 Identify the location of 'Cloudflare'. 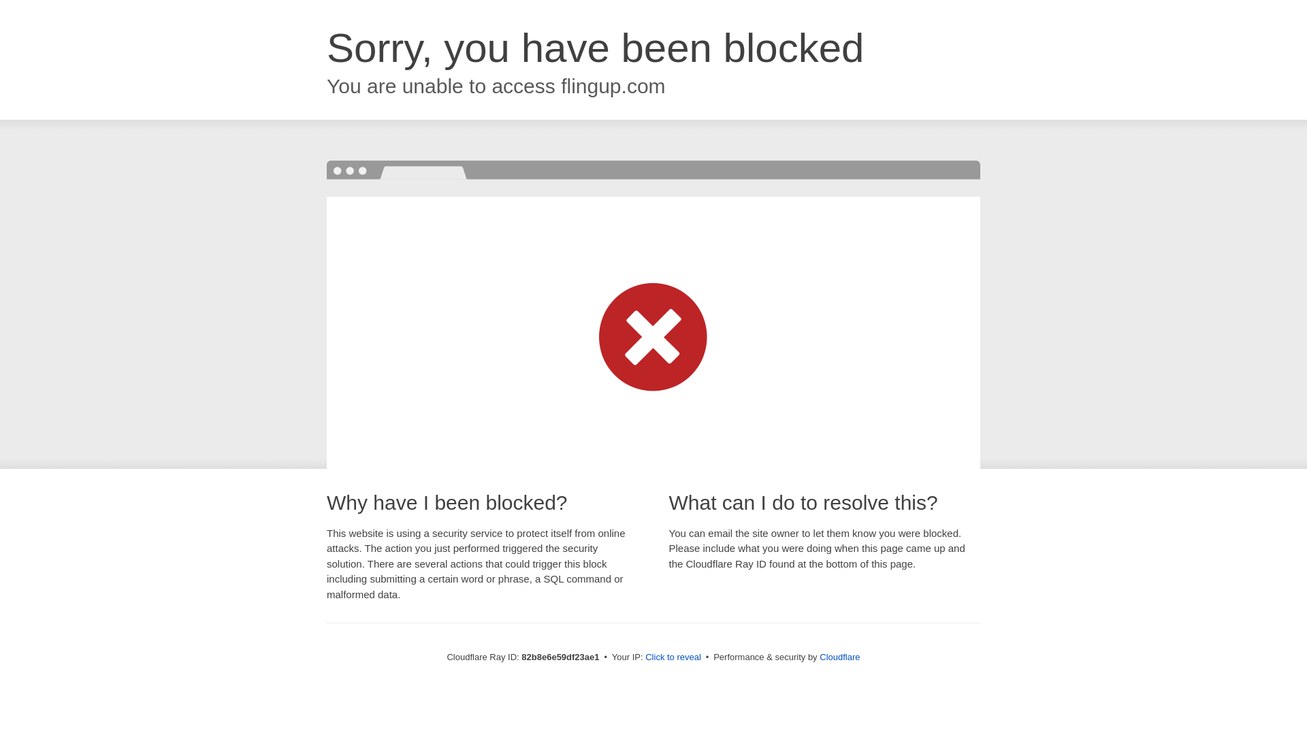
(839, 656).